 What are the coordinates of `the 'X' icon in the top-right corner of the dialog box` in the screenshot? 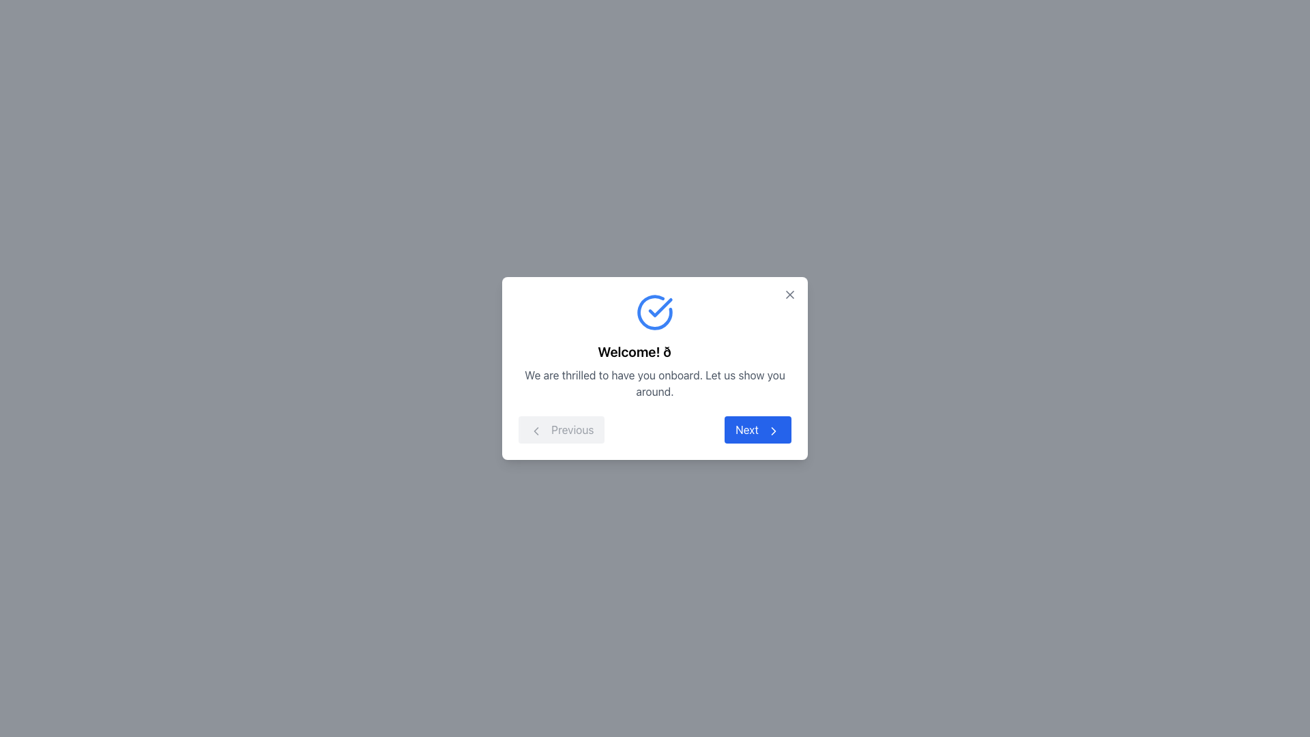 It's located at (789, 294).